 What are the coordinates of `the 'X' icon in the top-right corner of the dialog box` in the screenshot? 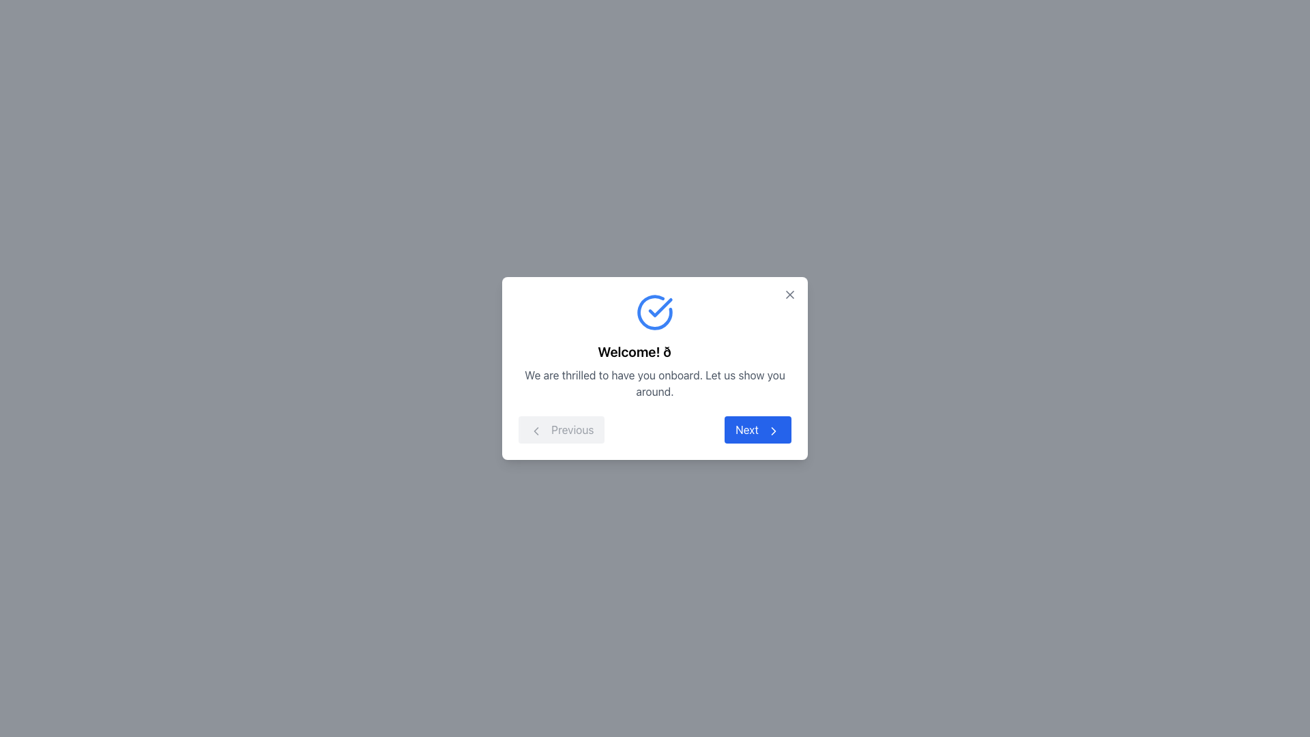 It's located at (789, 294).